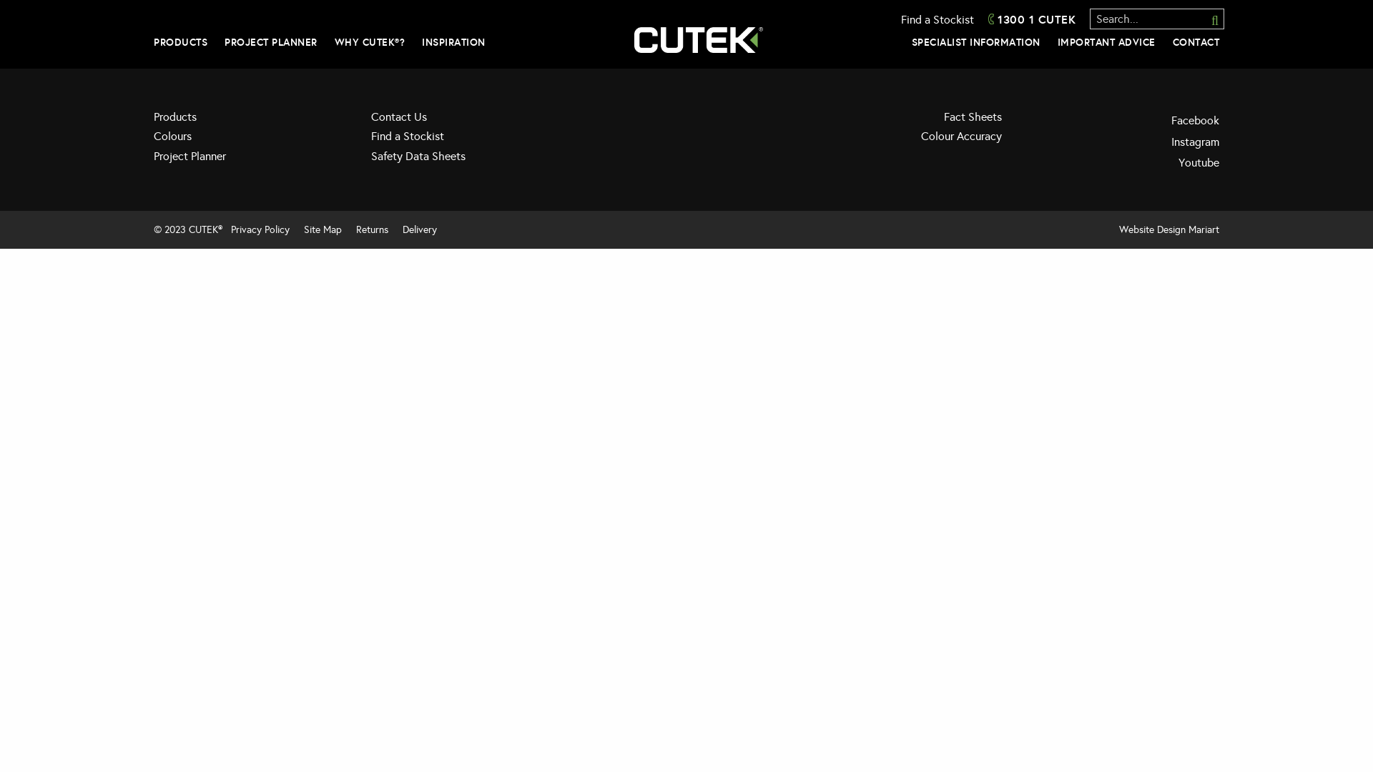 The image size is (1373, 772). I want to click on 'Returns', so click(372, 229).